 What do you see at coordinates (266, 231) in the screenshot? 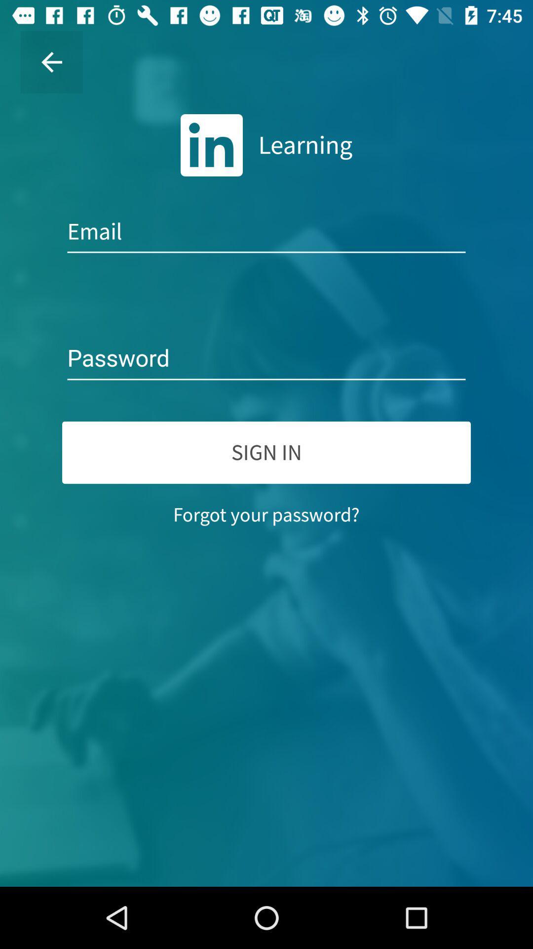
I see `email` at bounding box center [266, 231].